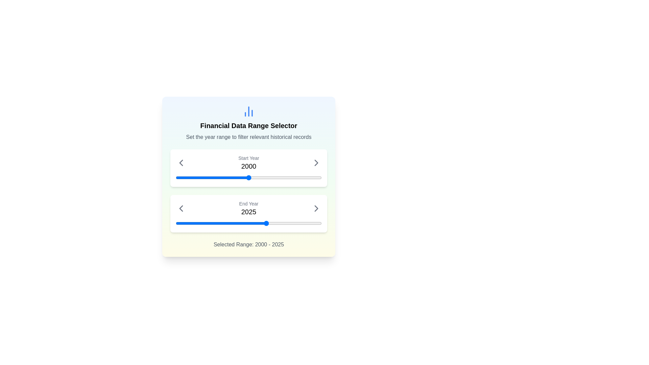 This screenshot has height=365, width=649. Describe the element at coordinates (248, 203) in the screenshot. I see `the 'End Year' label text, which is positioned above the year '2025' in the bottom part of the interface` at that location.